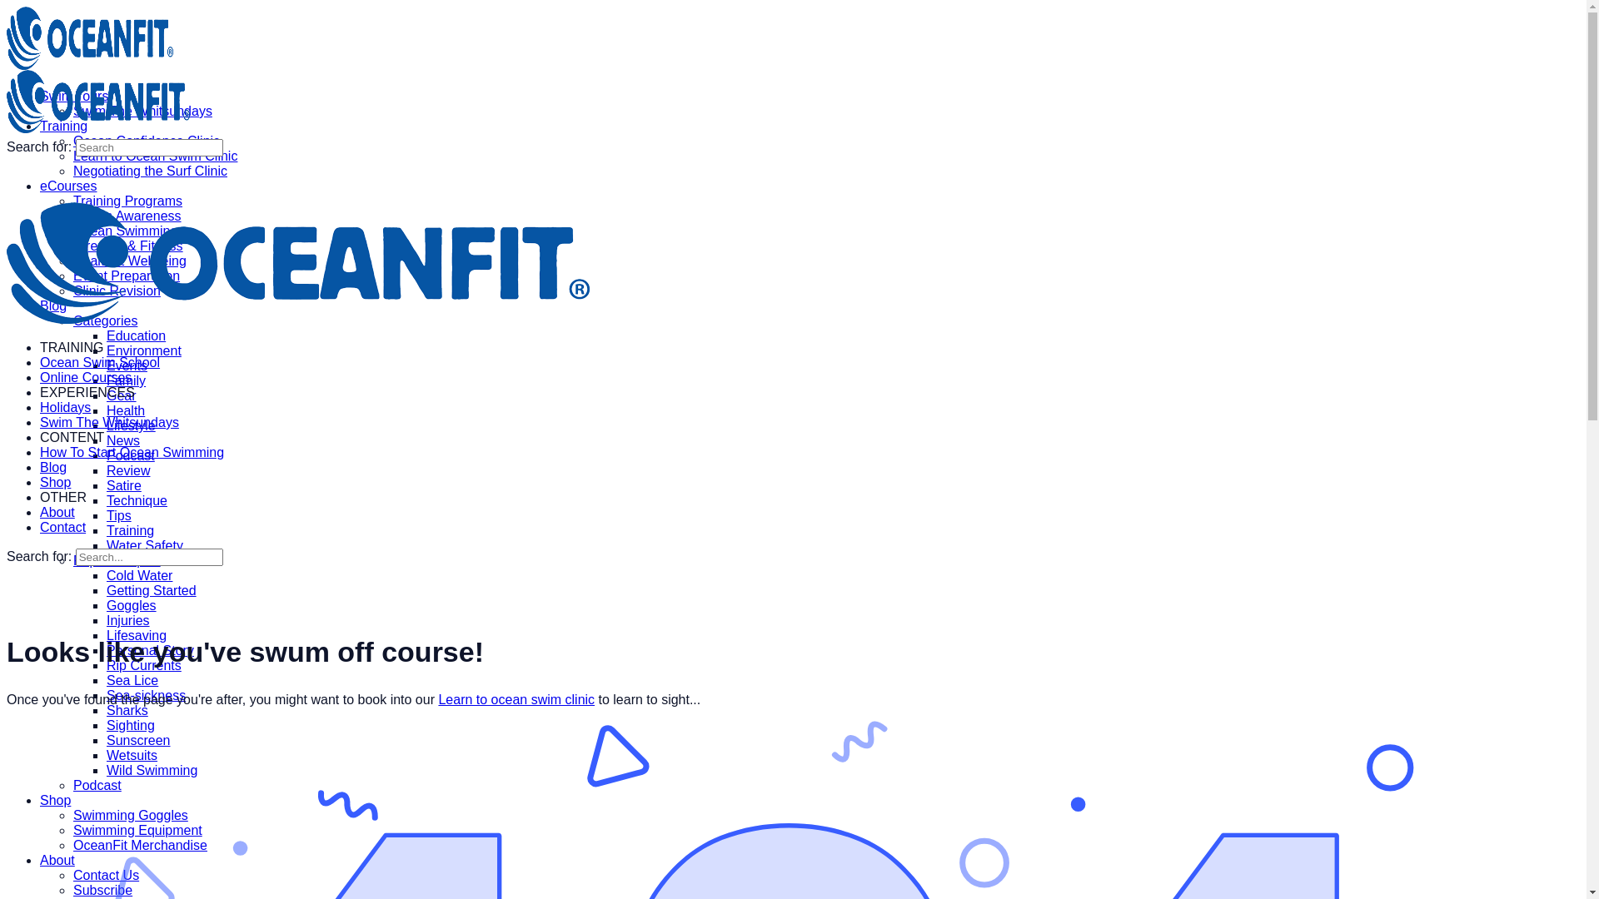  I want to click on 'Negotiating the Surf Clinic', so click(150, 171).